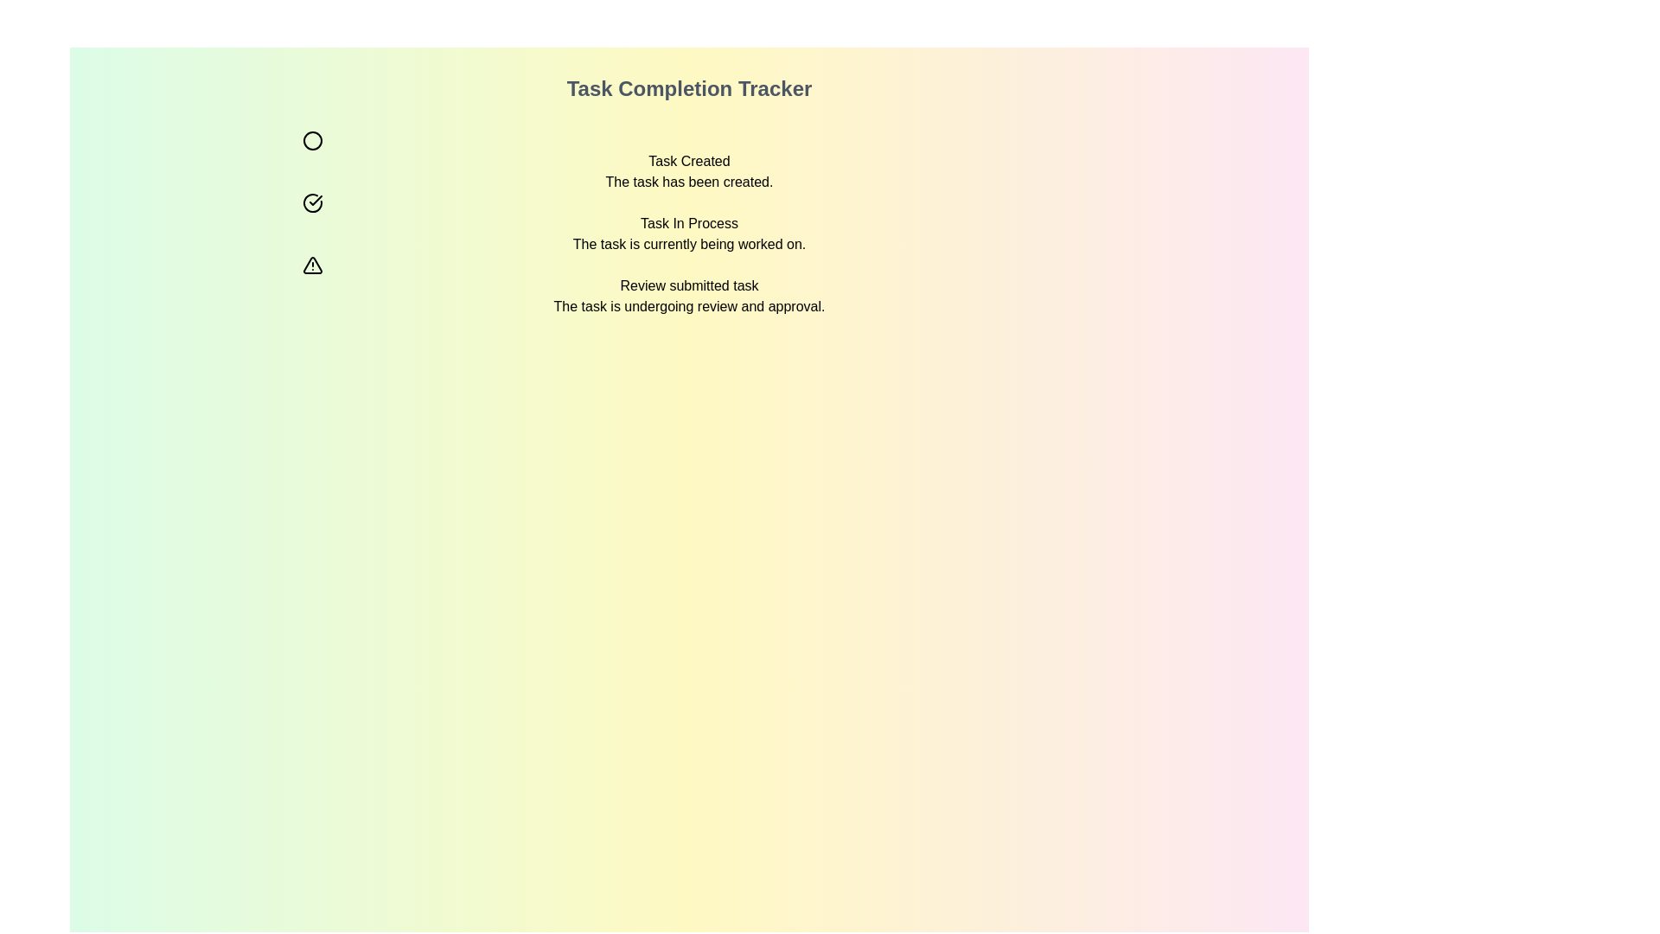 The image size is (1660, 934). What do you see at coordinates (688, 233) in the screenshot?
I see `status information displayed by the text label indicating the progress of the task below the title 'Task Completion Tracker'` at bounding box center [688, 233].